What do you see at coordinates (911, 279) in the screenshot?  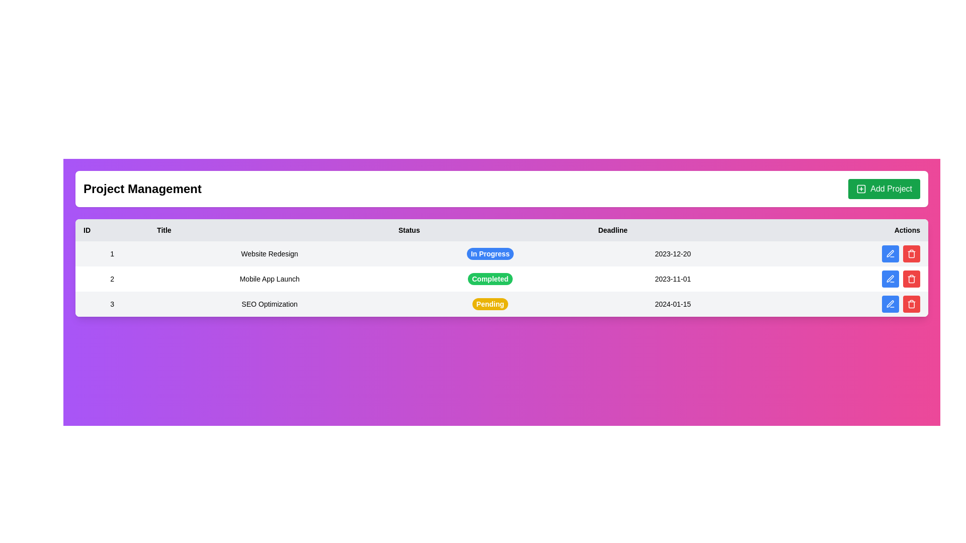 I see `the 'Delete' button, which is the second button in the 'Actions' column of the third row in the table, positioned immediately to the right of a blue button` at bounding box center [911, 279].